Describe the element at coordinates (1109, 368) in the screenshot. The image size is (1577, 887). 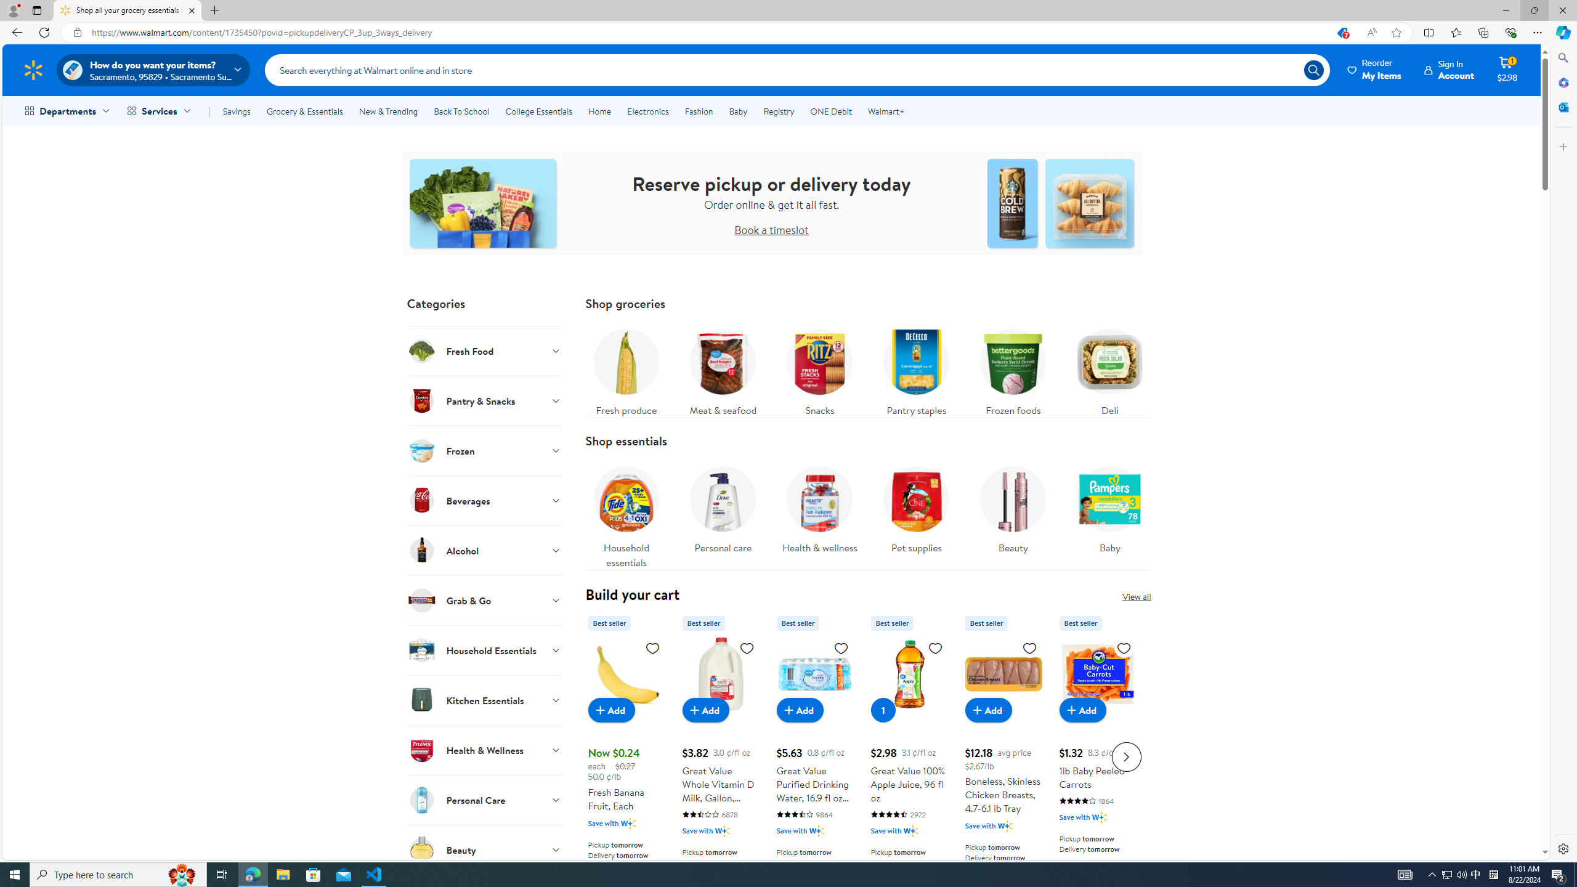
I see `'Deli'` at that location.